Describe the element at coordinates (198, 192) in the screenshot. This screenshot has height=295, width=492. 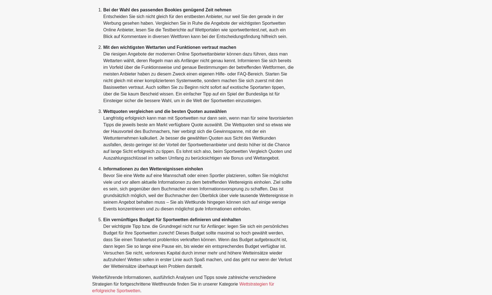
I see `'Bevor Sie eine Wette auf eine Mannschaft oder einen Sportler platzieren, sollten Sie möglichst viele und vor allem aktuelle Informationen zu dem betreffenden Wettereignis einholen. Ziel sollte es sein, sich gegenüber dem Buchmacher einen Informationsvorsprung zu schaffen. Das ist grundsätzlich möglich, weil der Buchmacher den Überblick über viele tausende Wettereignisse in seinem Angebot behalten muss – Sie als Wettkunde hingegen können sich auf einige wenige Events konzentrieren und zu diesen möglichst gute Informationen einholen.'` at that location.